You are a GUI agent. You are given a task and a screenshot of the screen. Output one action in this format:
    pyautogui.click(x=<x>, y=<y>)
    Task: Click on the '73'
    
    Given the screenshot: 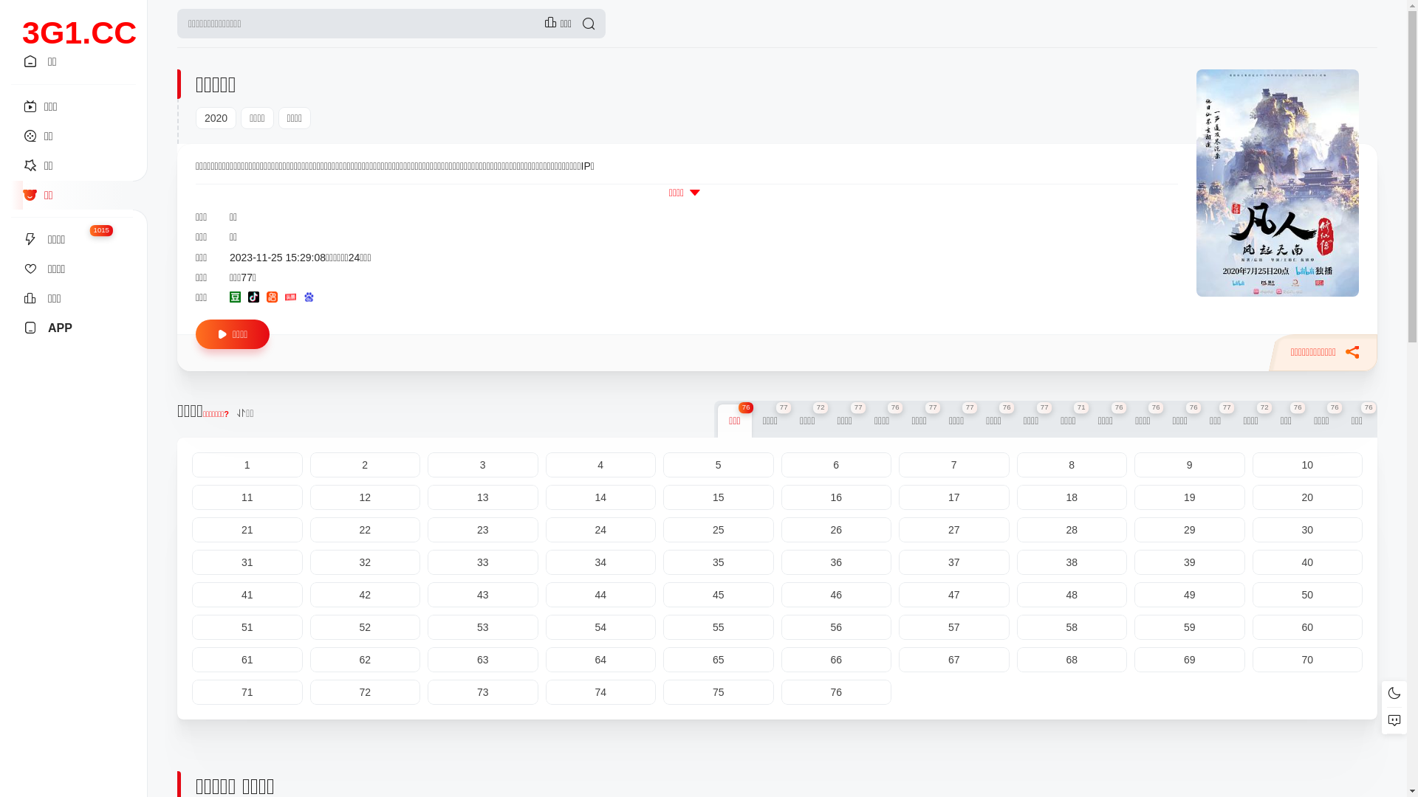 What is the action you would take?
    pyautogui.click(x=482, y=691)
    